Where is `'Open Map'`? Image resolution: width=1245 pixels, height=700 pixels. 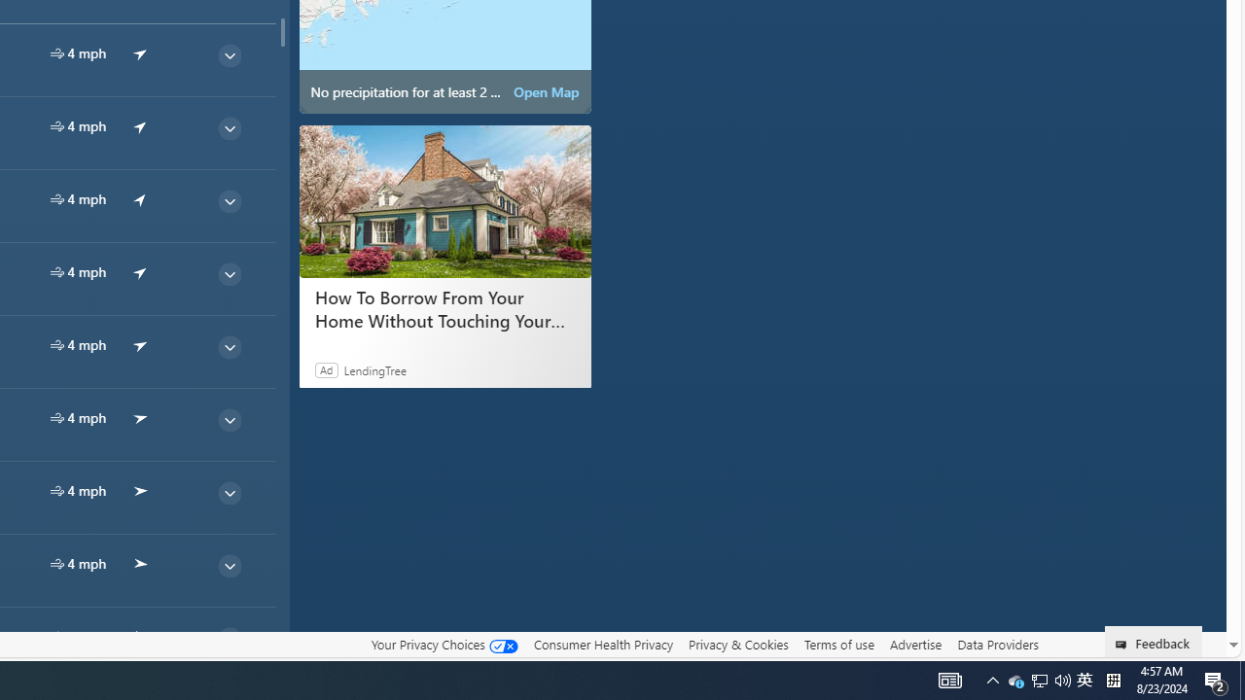 'Open Map' is located at coordinates (545, 92).